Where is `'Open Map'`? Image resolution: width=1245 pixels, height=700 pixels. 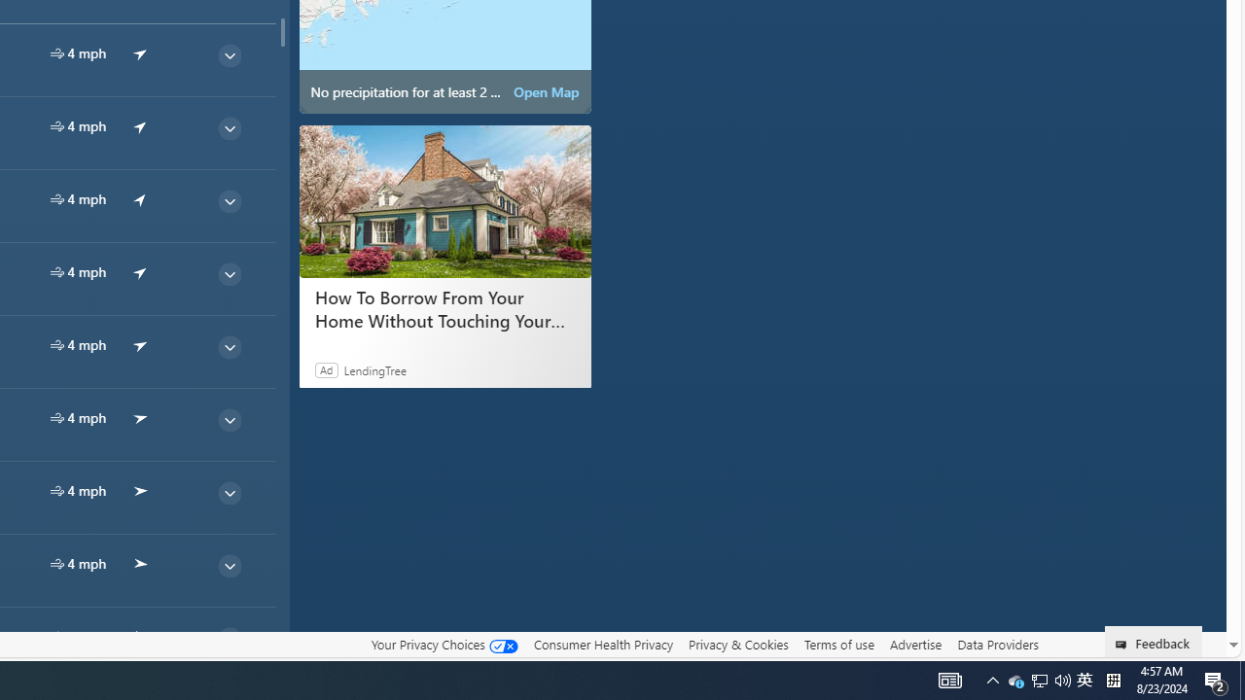 'Open Map' is located at coordinates (545, 92).